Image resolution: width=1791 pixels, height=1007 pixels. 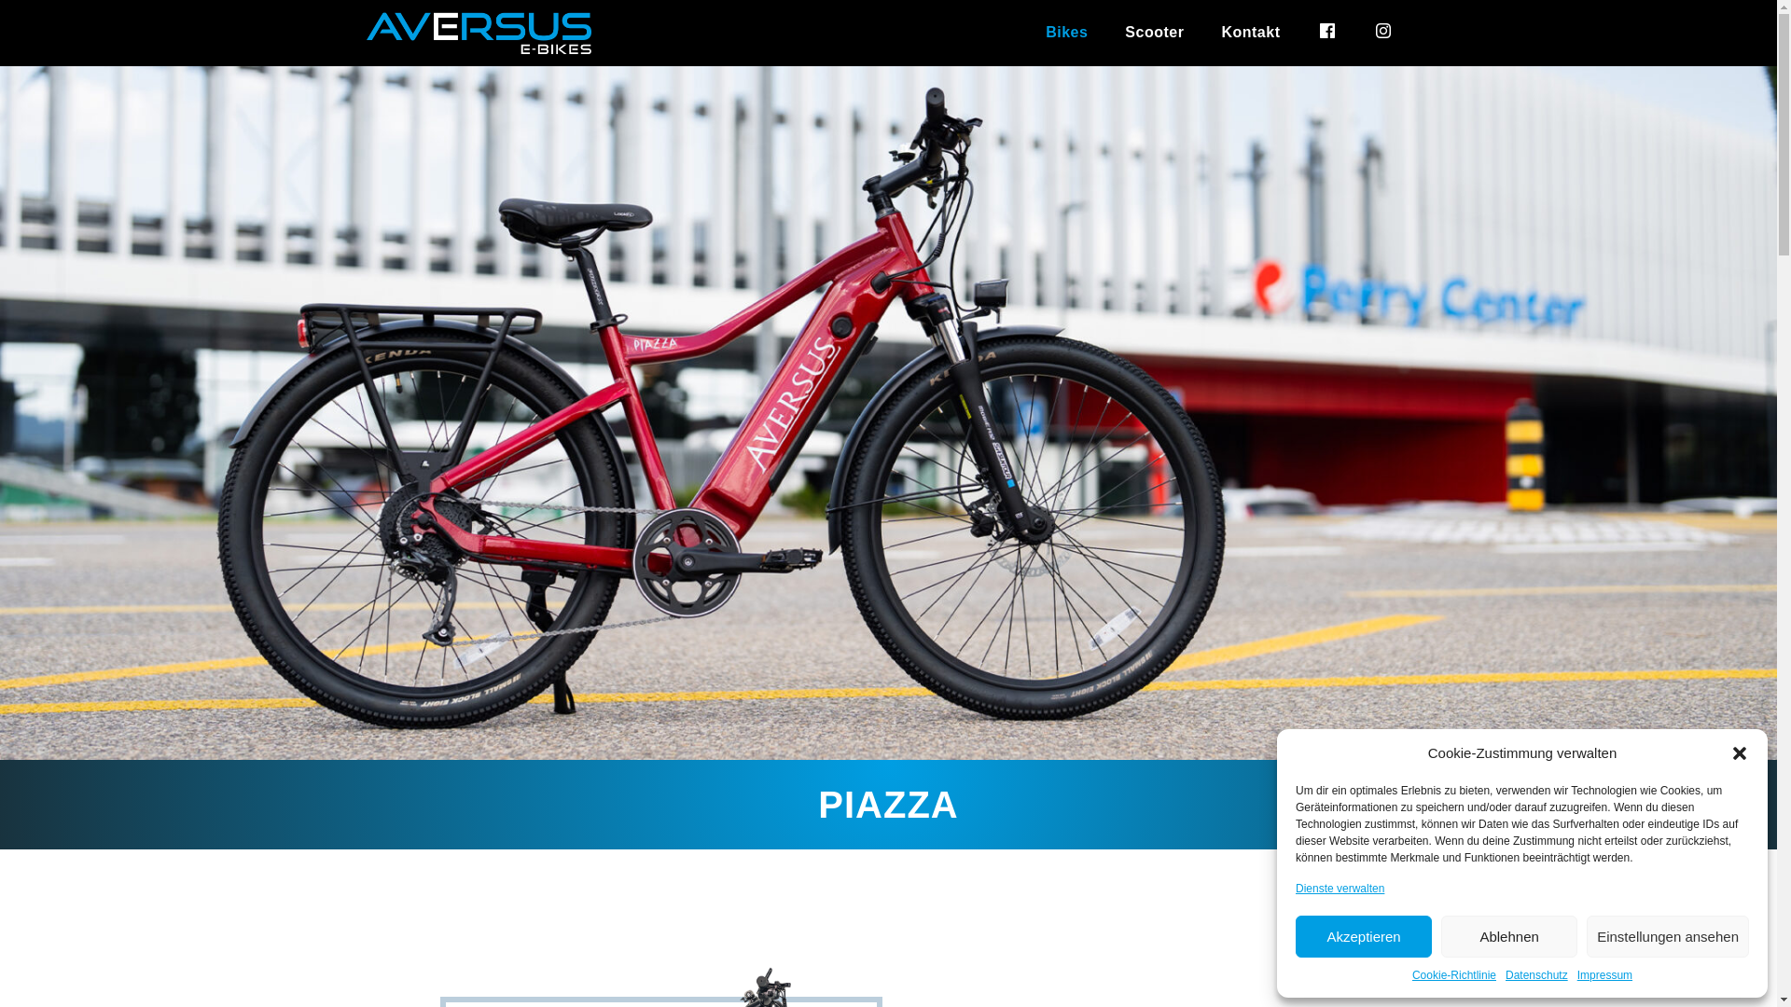 I want to click on 'Akzeptieren', so click(x=1294, y=936).